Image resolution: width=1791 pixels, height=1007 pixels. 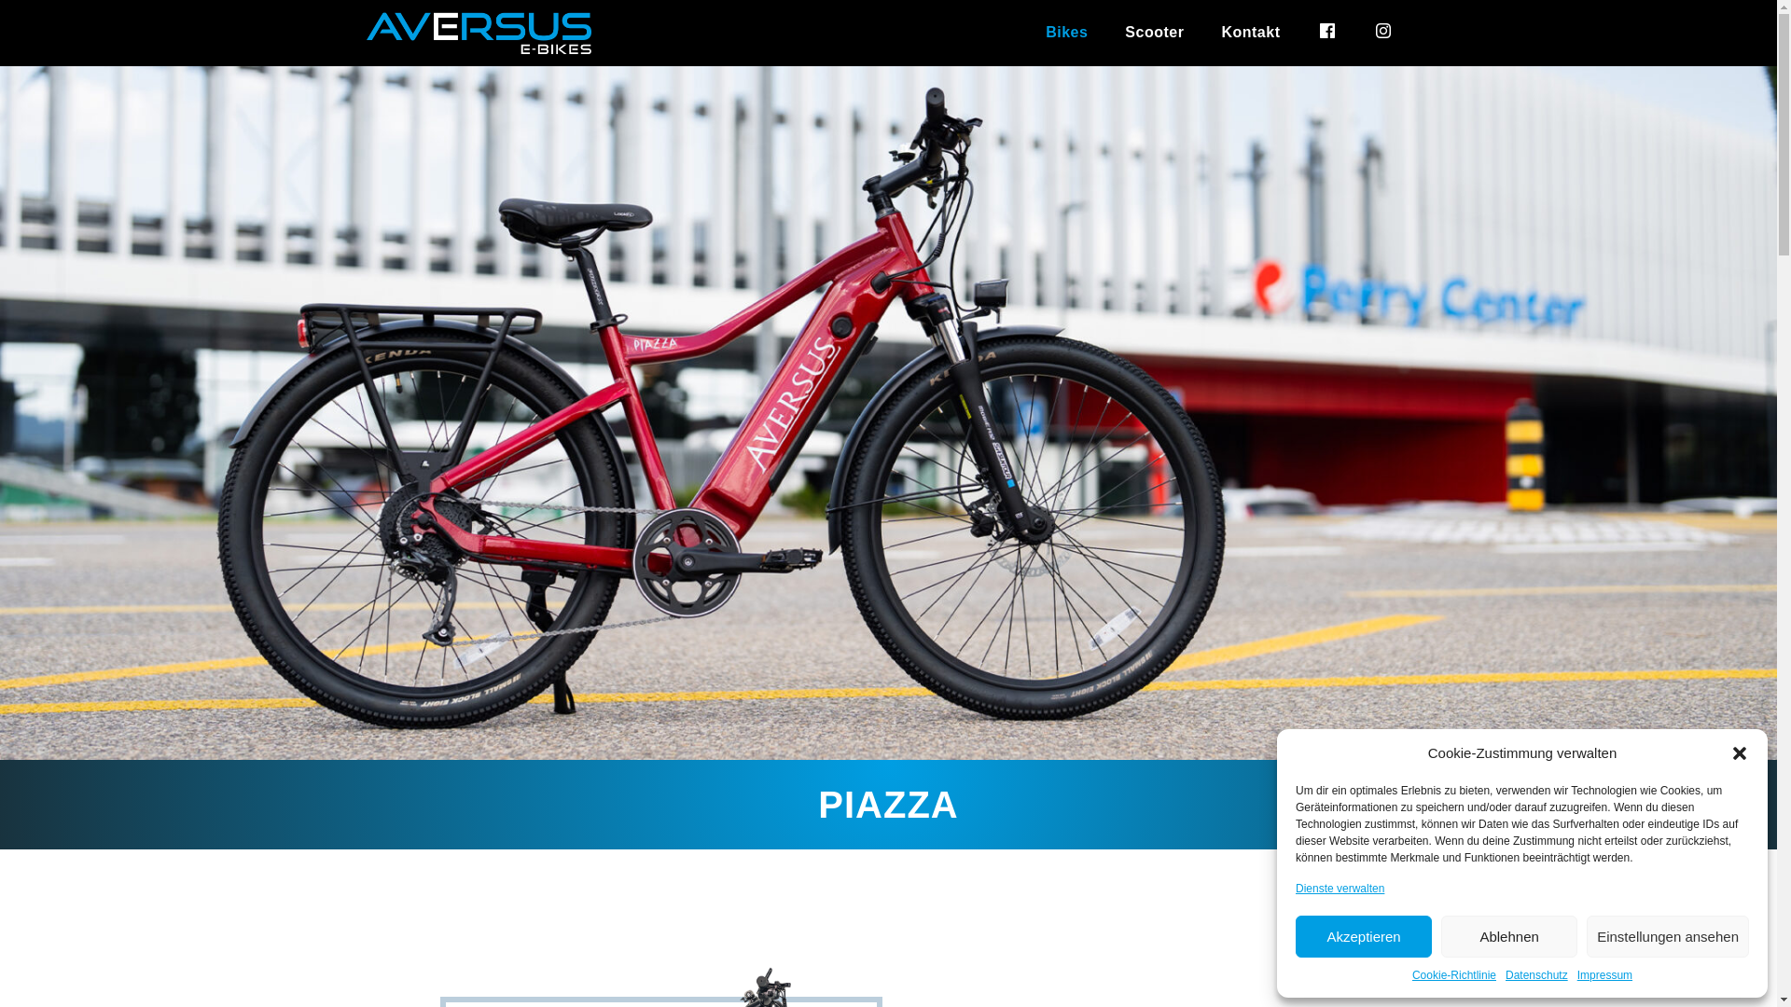 I want to click on 'Akzeptieren', so click(x=1294, y=936).